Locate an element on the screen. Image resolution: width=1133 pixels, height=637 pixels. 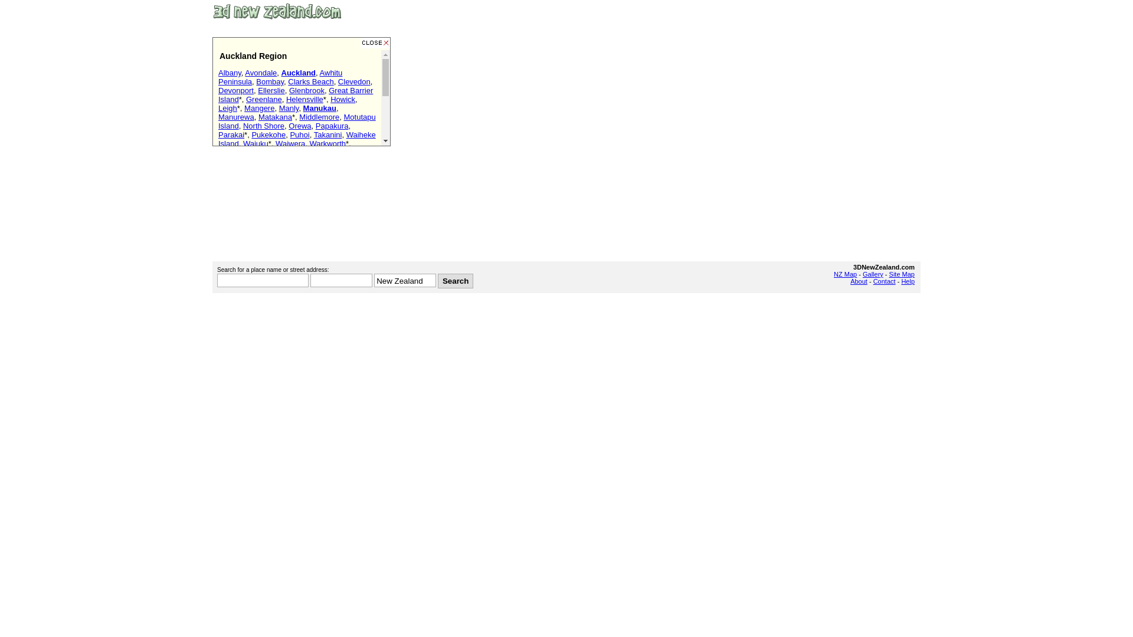
'Clevedon' is located at coordinates (337, 81).